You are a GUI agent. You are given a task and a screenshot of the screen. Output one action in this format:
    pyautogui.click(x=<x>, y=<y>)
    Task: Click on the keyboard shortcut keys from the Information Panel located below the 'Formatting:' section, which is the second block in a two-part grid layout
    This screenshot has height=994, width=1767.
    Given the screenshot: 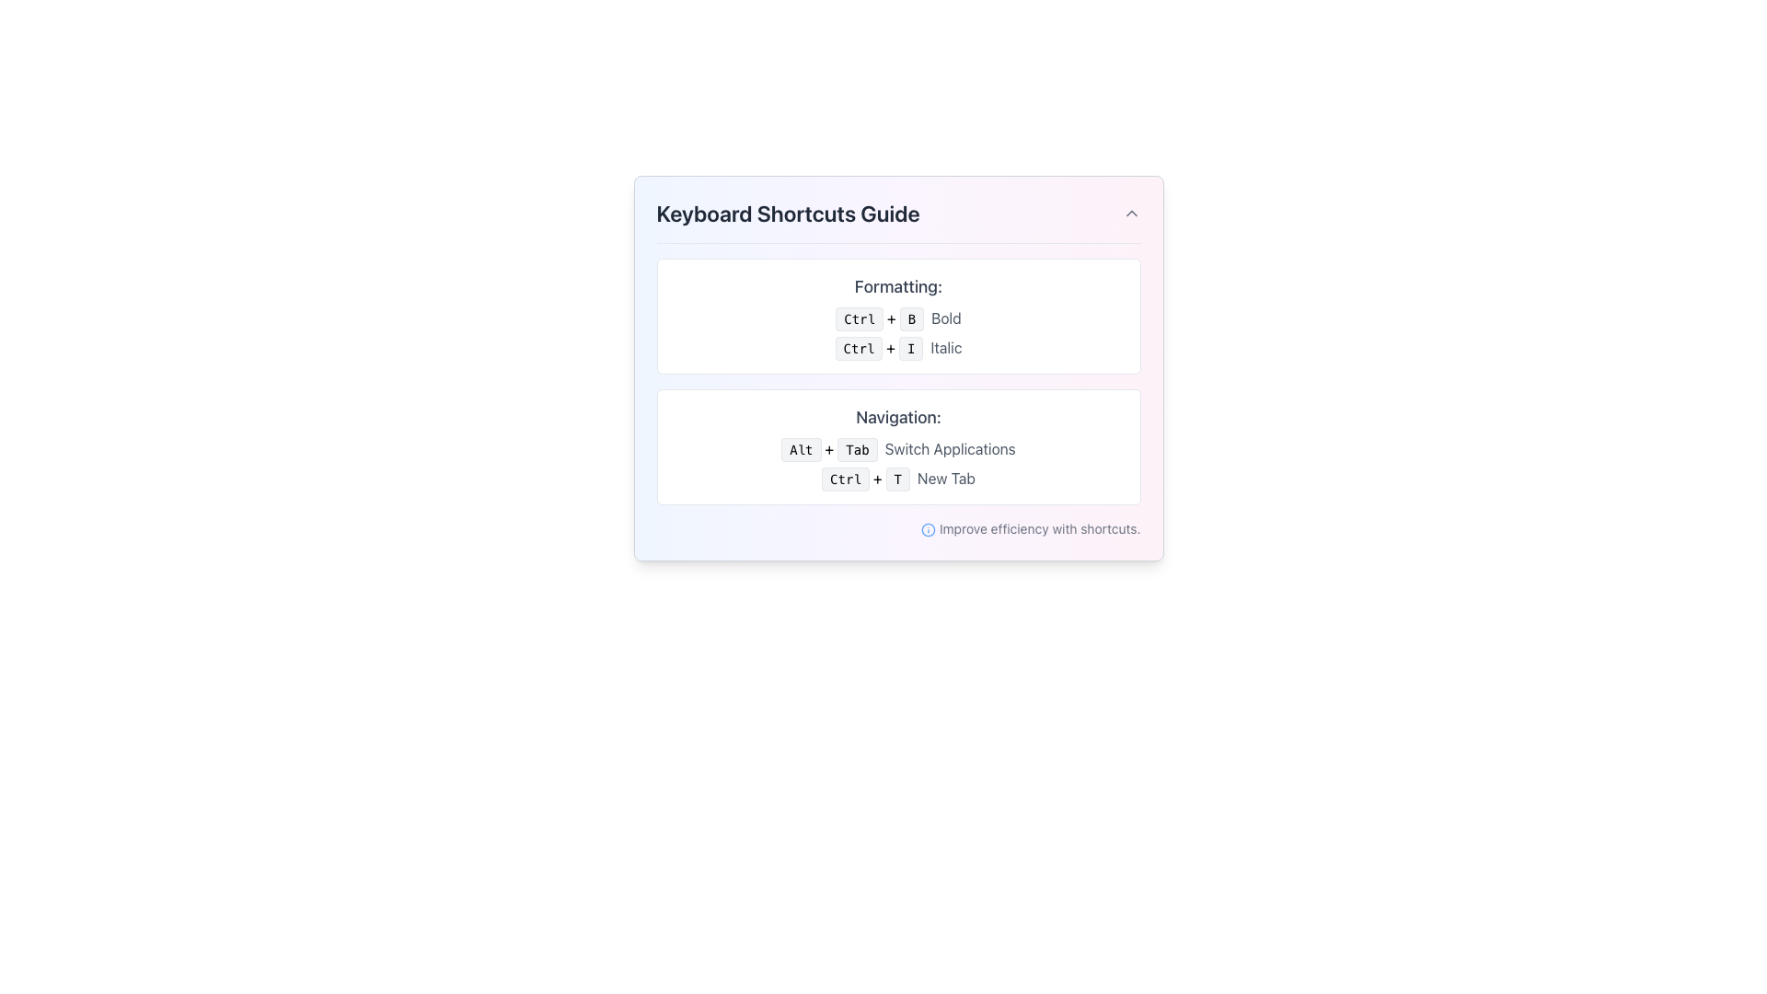 What is the action you would take?
    pyautogui.click(x=898, y=447)
    